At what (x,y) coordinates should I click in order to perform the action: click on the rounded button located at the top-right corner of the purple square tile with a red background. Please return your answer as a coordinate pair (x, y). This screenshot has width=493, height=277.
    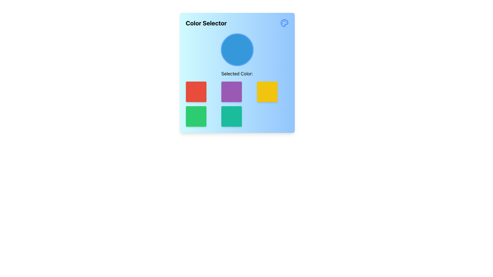
    Looking at the image, I should click on (250, 84).